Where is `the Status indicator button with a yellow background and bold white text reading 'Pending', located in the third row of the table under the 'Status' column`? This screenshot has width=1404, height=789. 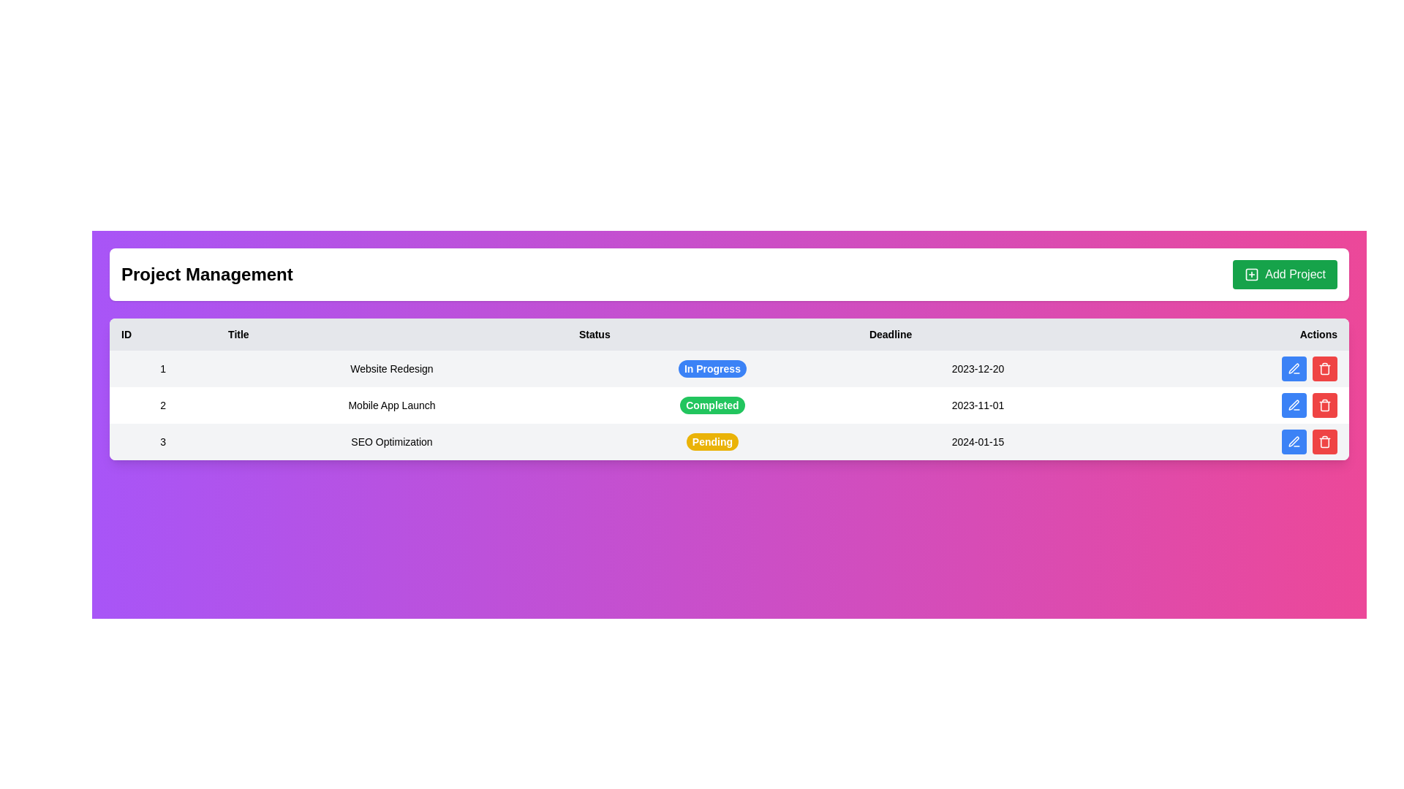 the Status indicator button with a yellow background and bold white text reading 'Pending', located in the third row of the table under the 'Status' column is located at coordinates (712, 441).